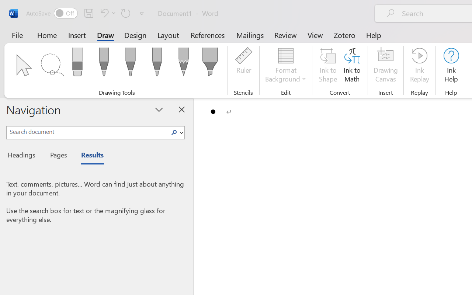  I want to click on 'Format Background', so click(285, 66).